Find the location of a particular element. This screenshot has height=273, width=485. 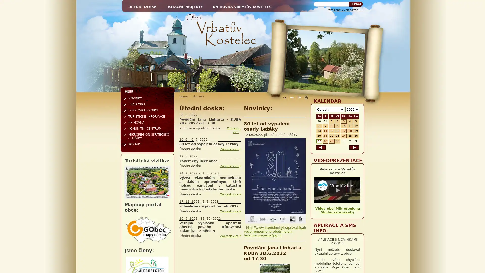

dalsi is located at coordinates (354, 147).